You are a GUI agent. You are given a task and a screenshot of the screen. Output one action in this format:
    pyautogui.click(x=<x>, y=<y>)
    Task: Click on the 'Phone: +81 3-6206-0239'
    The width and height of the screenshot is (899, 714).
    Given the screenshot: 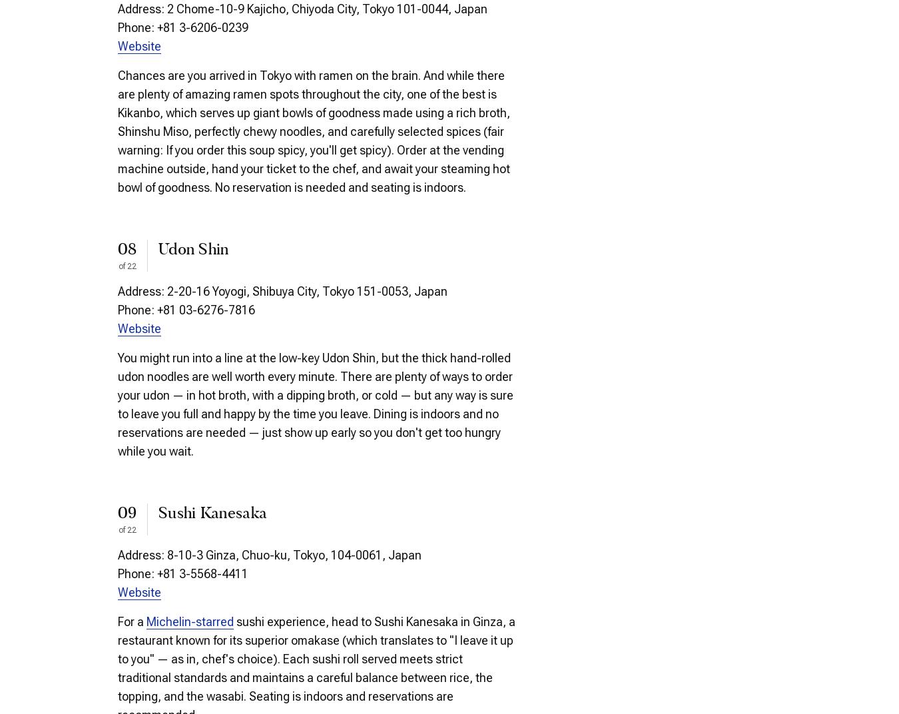 What is the action you would take?
    pyautogui.click(x=117, y=26)
    